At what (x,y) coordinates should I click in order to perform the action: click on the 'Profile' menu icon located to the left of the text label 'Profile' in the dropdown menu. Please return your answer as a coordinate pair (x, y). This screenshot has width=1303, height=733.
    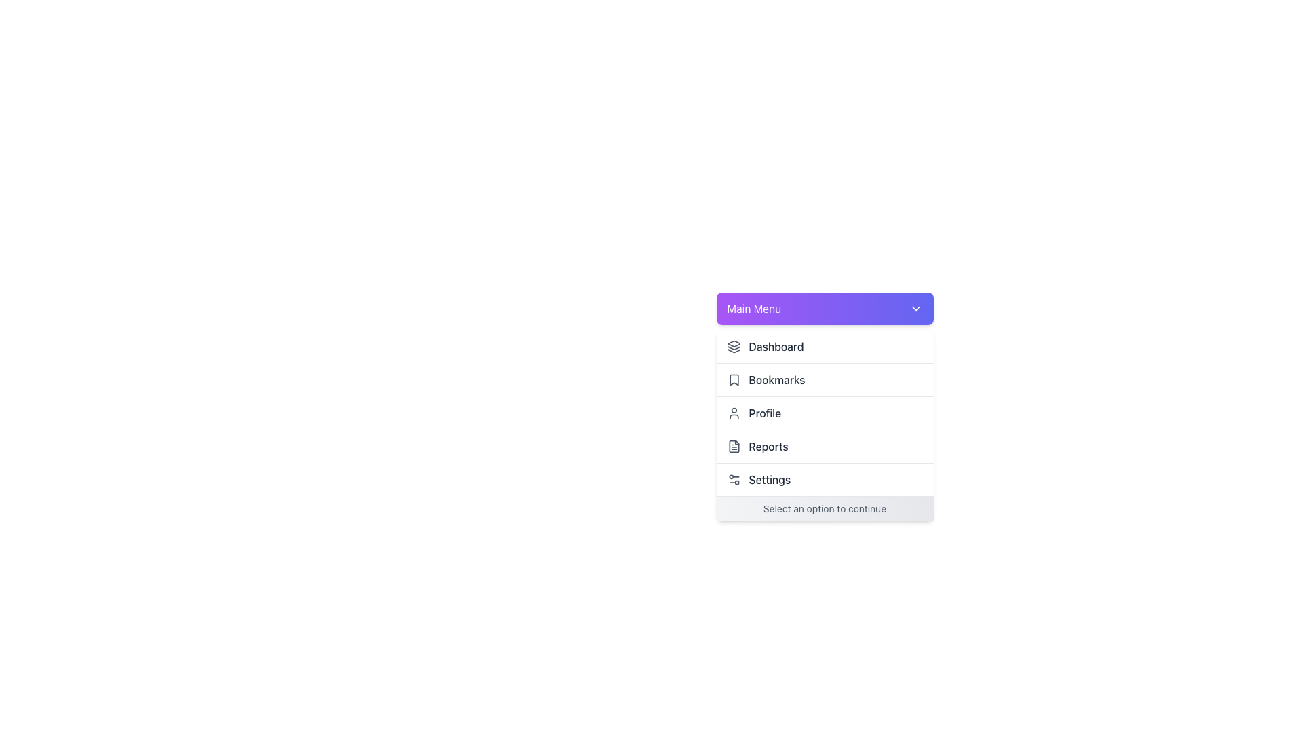
    Looking at the image, I should click on (733, 413).